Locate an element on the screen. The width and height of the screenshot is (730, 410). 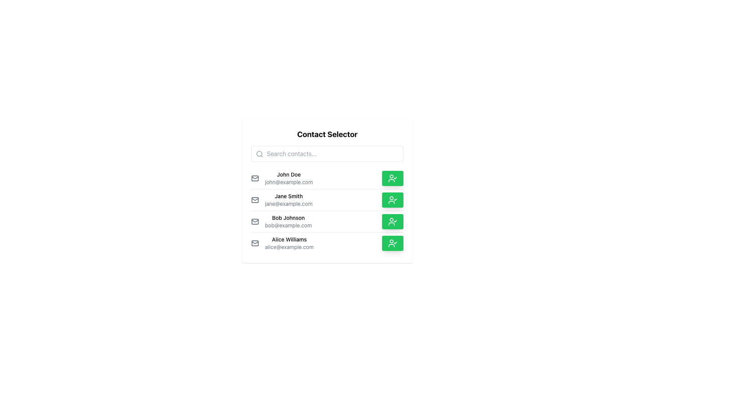
the email address displayed for the contact named 'Alice Williams', located in the fourth entry of the contact list is located at coordinates (289, 247).